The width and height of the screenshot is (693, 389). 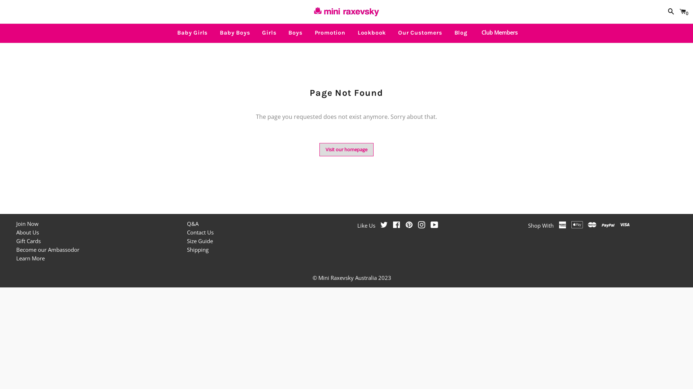 I want to click on 'Size Guide', so click(x=200, y=241).